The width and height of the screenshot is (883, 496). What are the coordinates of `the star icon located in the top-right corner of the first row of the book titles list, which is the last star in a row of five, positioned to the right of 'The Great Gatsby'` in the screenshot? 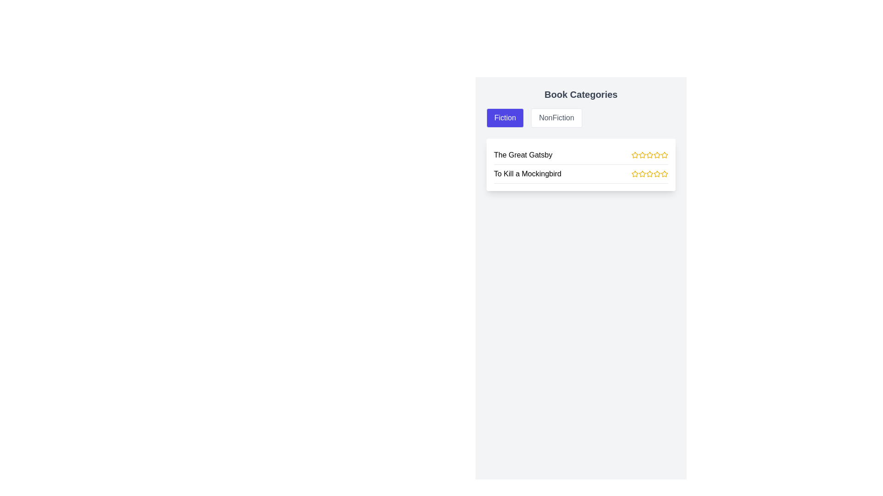 It's located at (664, 155).